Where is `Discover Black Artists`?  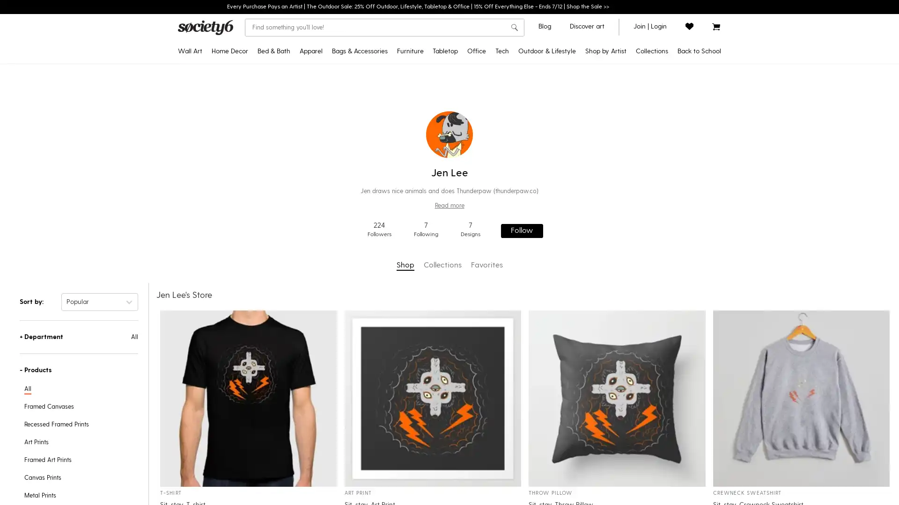
Discover Black Artists is located at coordinates (617, 105).